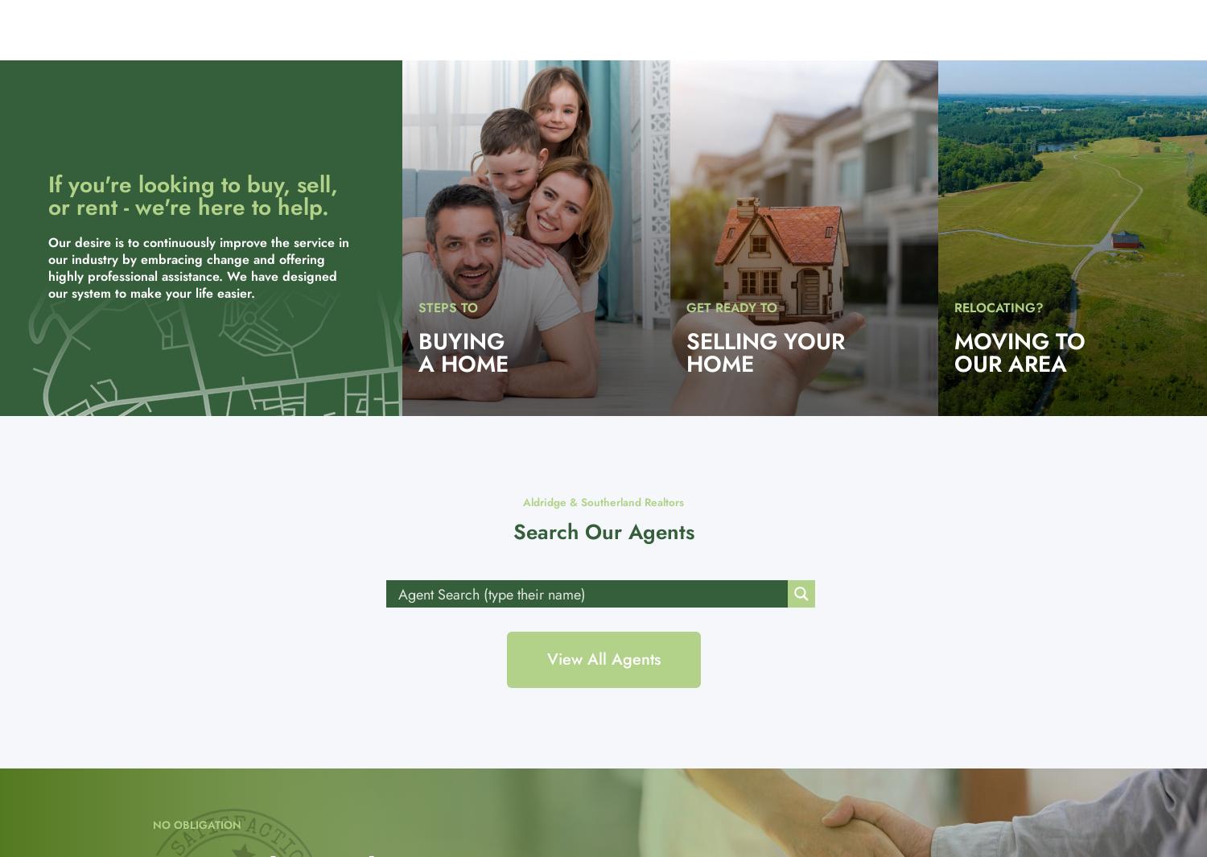 This screenshot has height=857, width=1207. I want to click on 'GET READY TO', so click(731, 307).